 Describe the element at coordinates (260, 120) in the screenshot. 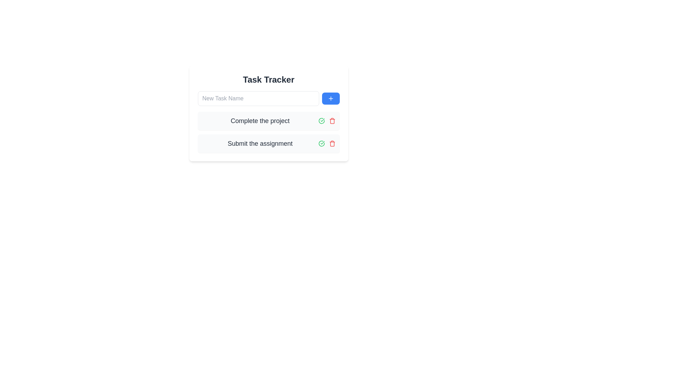

I see `the static text label displaying the title or description of the first task entry in the task management interface` at that location.